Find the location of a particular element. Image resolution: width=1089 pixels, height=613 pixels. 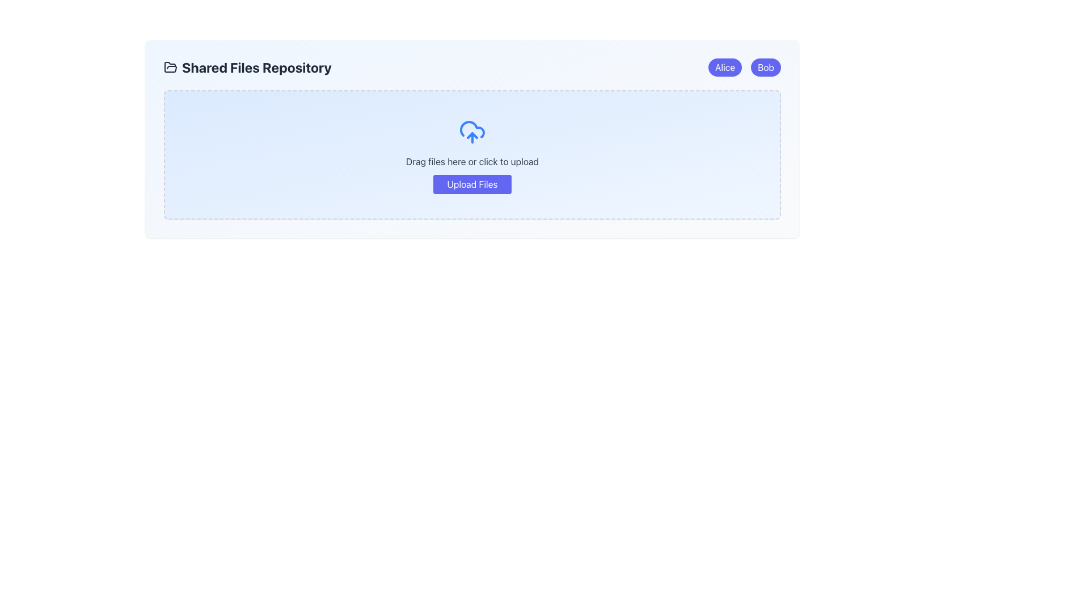

the visual representation of the open folder icon located to the immediate left of the text 'Shared Files Repository' in the header is located at coordinates (170, 68).